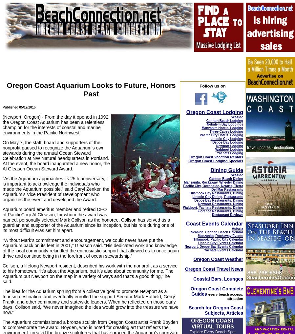 The height and width of the screenshot is (334, 295). Describe the element at coordinates (214, 268) in the screenshot. I see `'Oregon 
            Coast Travel News'` at that location.